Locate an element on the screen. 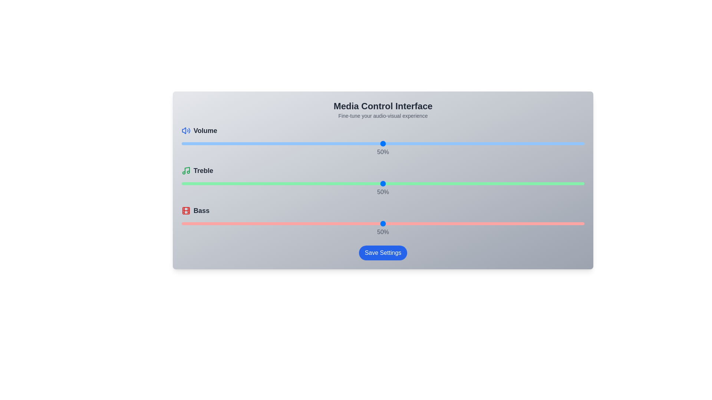 This screenshot has height=400, width=712. the red film strip icon located to the left of the word 'Bass' in the media interface is located at coordinates (186, 211).